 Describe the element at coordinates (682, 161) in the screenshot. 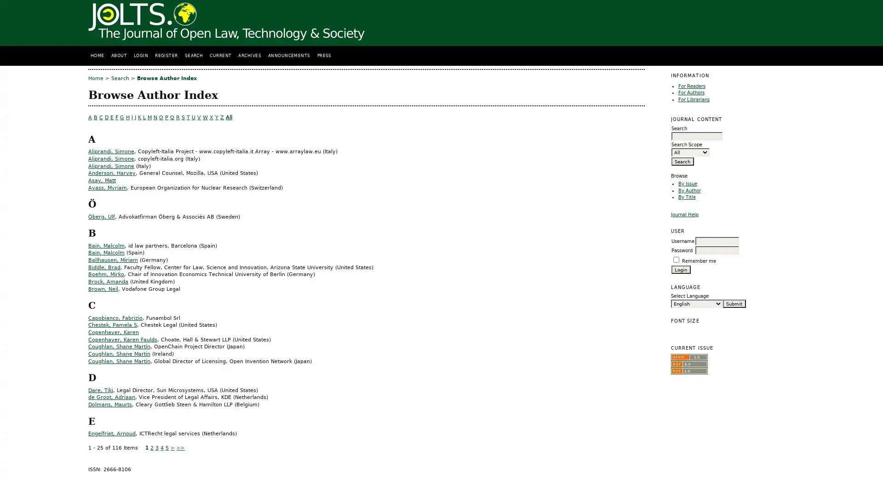

I see `Search` at that location.